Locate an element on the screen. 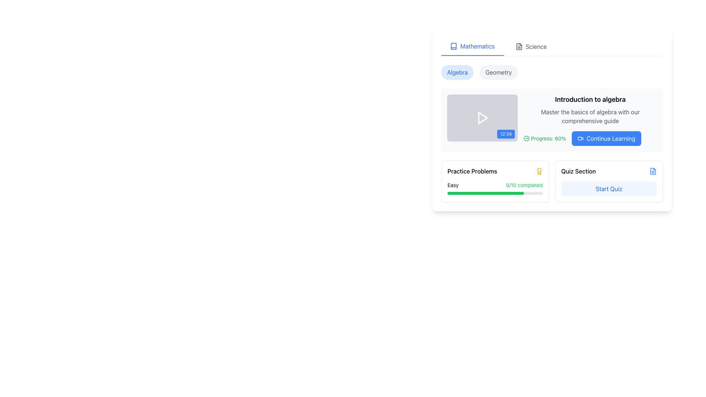 The width and height of the screenshot is (706, 397). the static informational text that displays the completion status of practice problems, located below the 'Practice Problems' header and adjacent to a progress bar is located at coordinates (524, 185).